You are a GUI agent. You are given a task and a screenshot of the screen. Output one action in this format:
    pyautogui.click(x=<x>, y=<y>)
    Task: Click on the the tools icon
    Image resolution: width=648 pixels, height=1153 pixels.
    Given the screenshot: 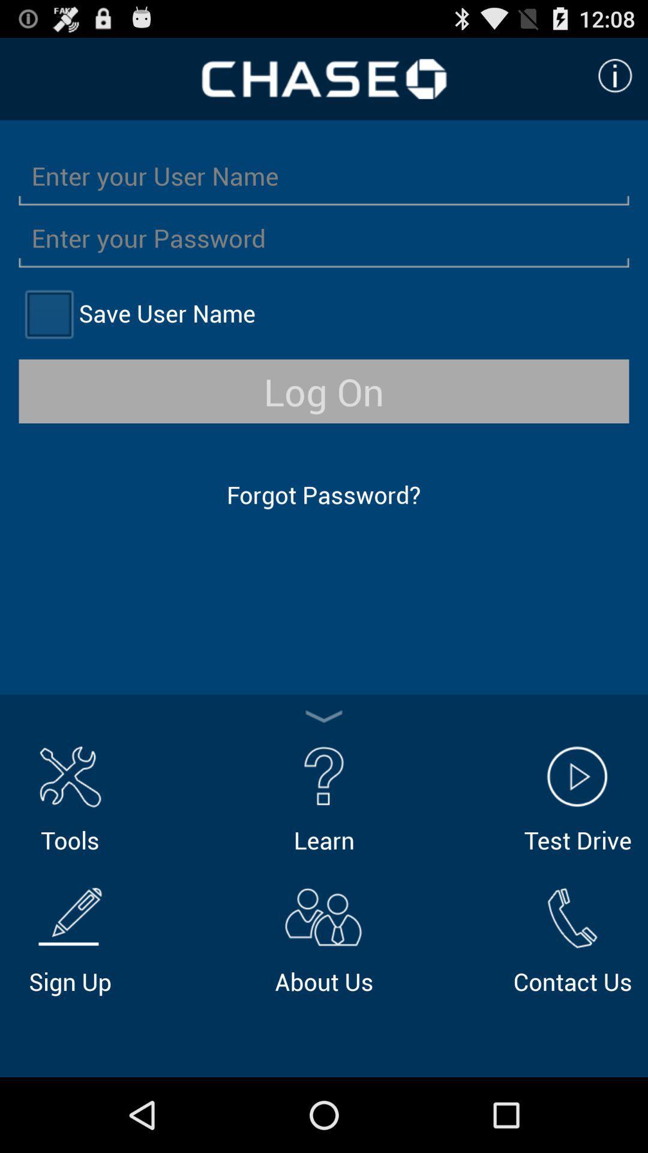 What is the action you would take?
    pyautogui.click(x=70, y=797)
    